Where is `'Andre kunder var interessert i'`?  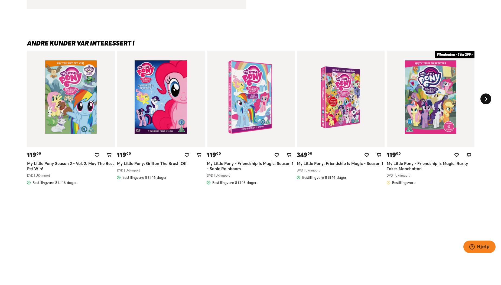
'Andre kunder var interessert i' is located at coordinates (80, 43).